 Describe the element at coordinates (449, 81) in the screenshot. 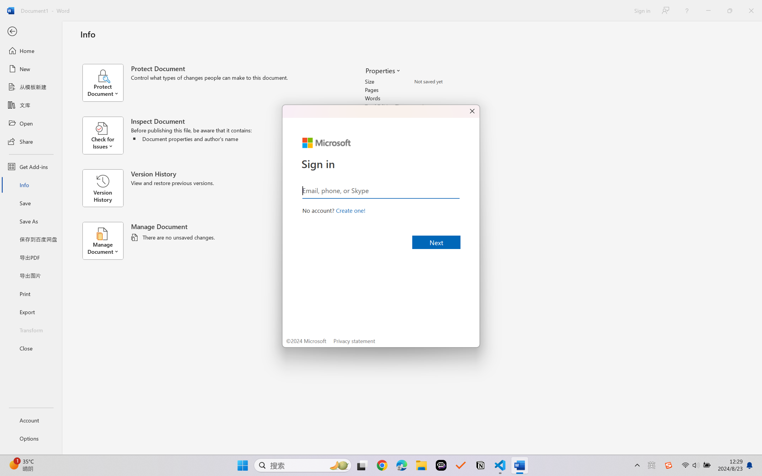

I see `'Size'` at that location.